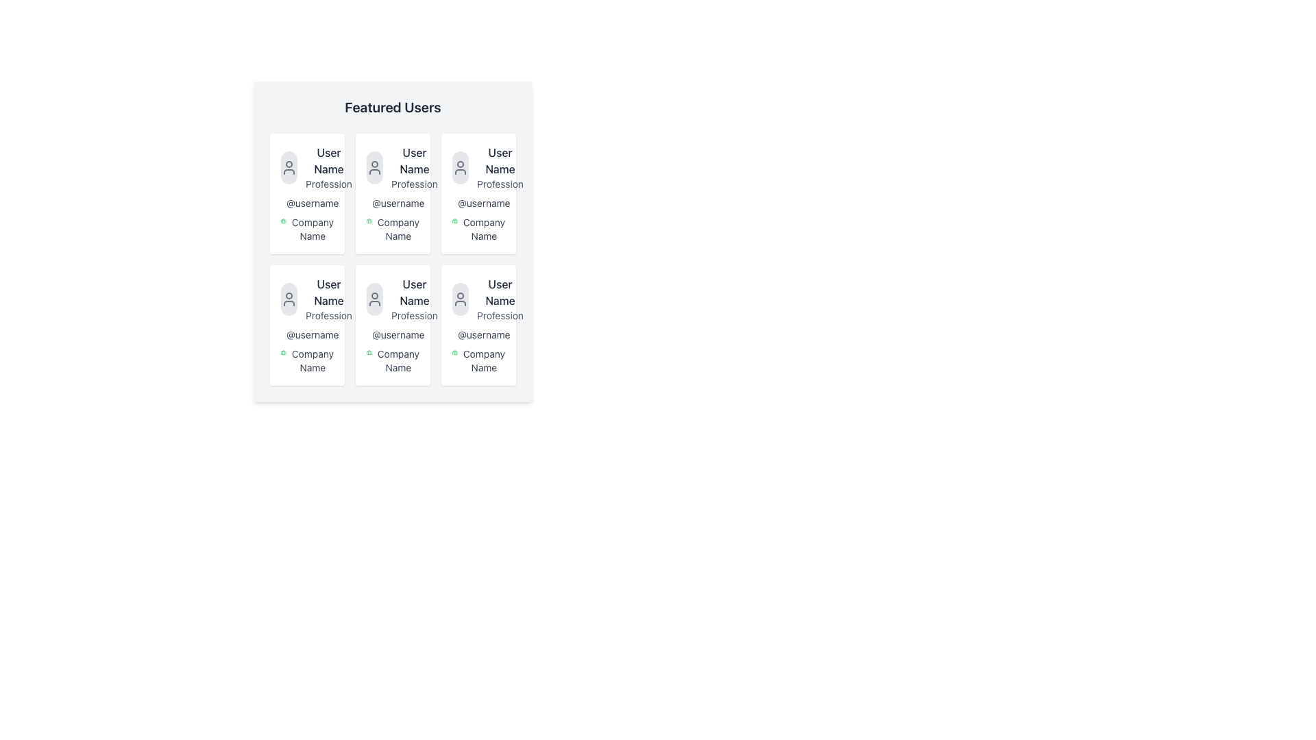 This screenshot has height=740, width=1316. Describe the element at coordinates (484, 360) in the screenshot. I see `text from the 'Company Name' label located at the bottom of the user profile card, which is styled in a slightly bolded sans-serif font` at that location.